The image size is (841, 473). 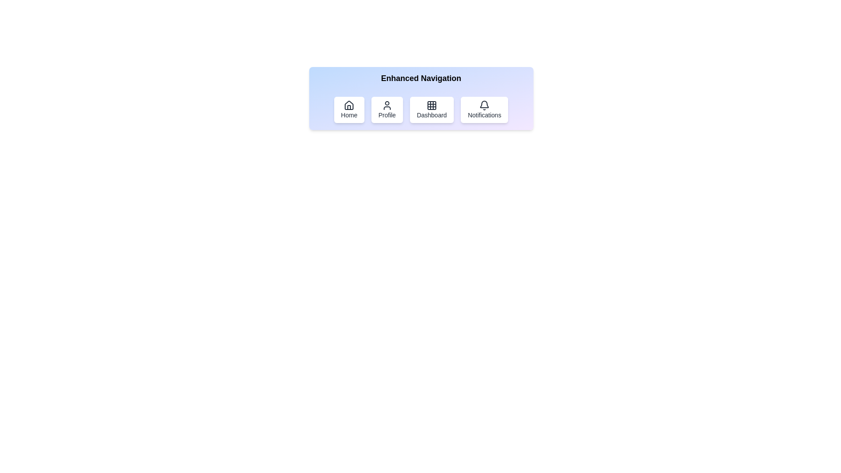 What do you see at coordinates (349, 105) in the screenshot?
I see `the house icon button located first in the horizontal navigation bar under 'Enhanced Navigation'` at bounding box center [349, 105].